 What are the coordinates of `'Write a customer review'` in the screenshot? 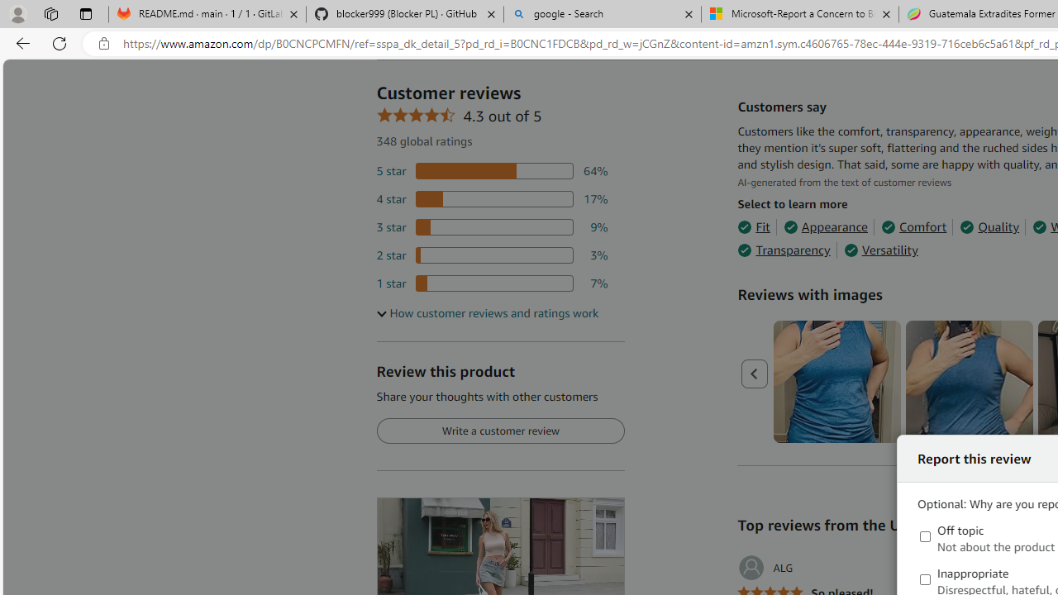 It's located at (499, 431).